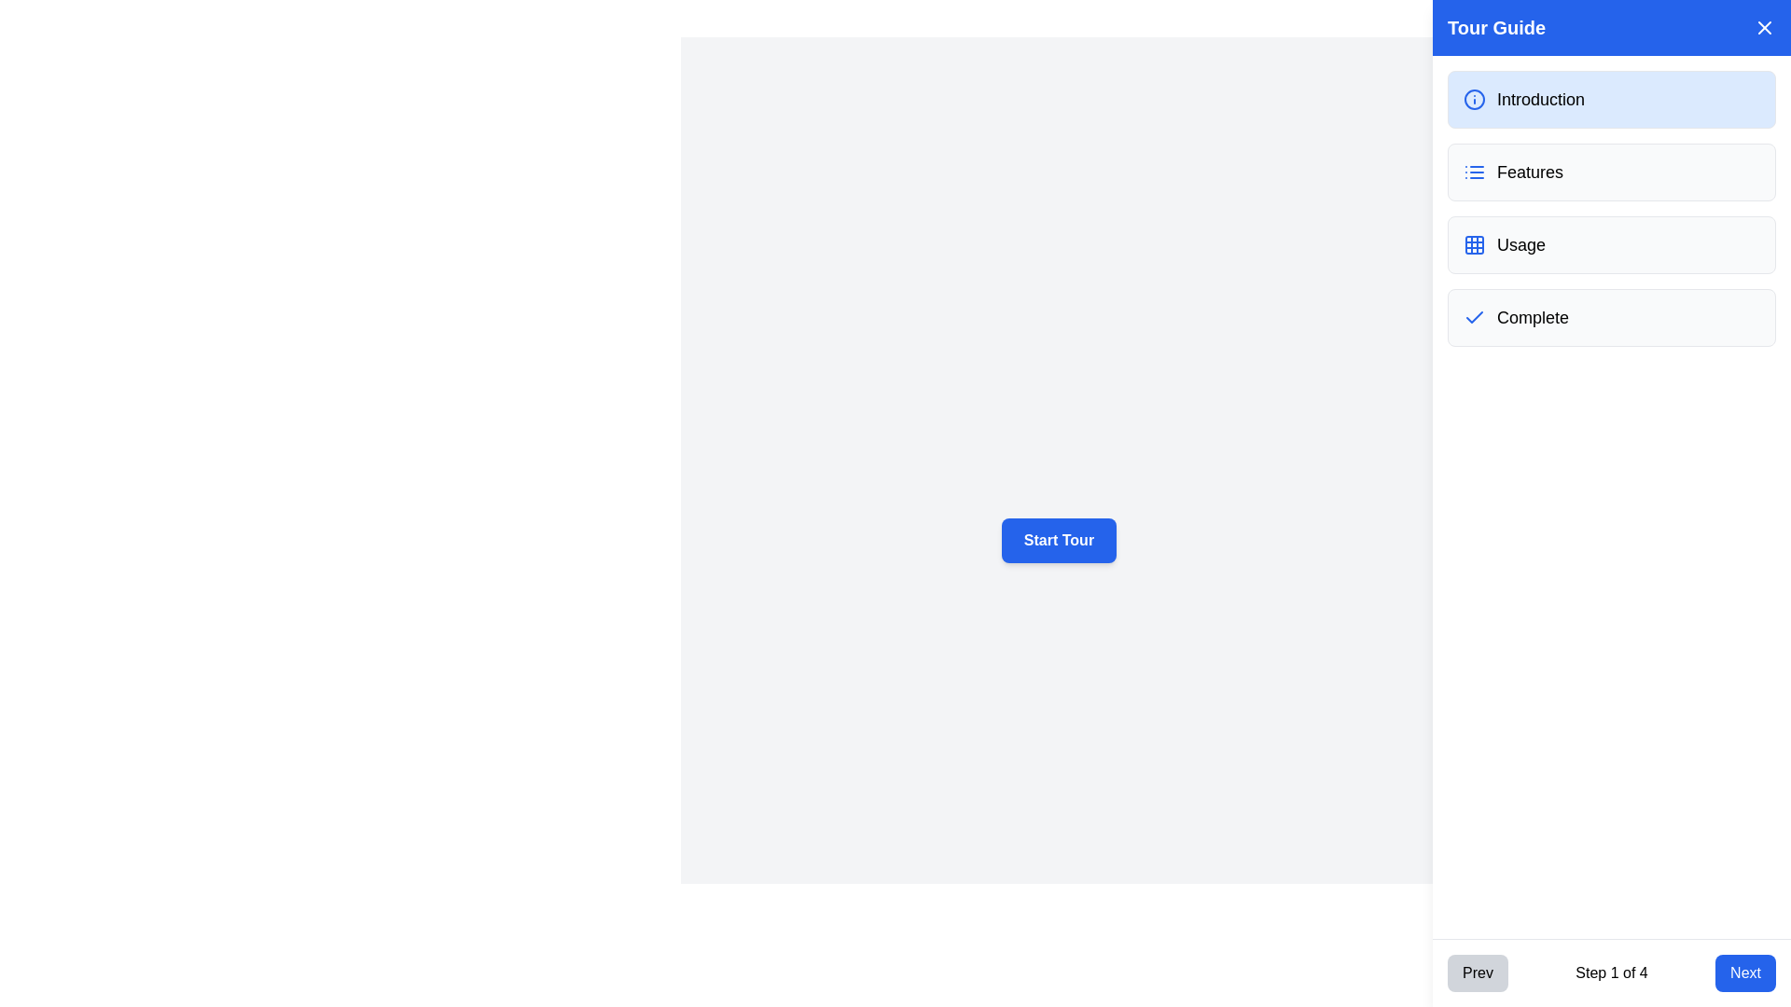 Image resolution: width=1791 pixels, height=1007 pixels. Describe the element at coordinates (1477, 973) in the screenshot. I see `the 'Prev' button, which is a rectangular button with a light gray background, rounded corners, and the label 'Prev' in black, bold text centered within the button` at that location.